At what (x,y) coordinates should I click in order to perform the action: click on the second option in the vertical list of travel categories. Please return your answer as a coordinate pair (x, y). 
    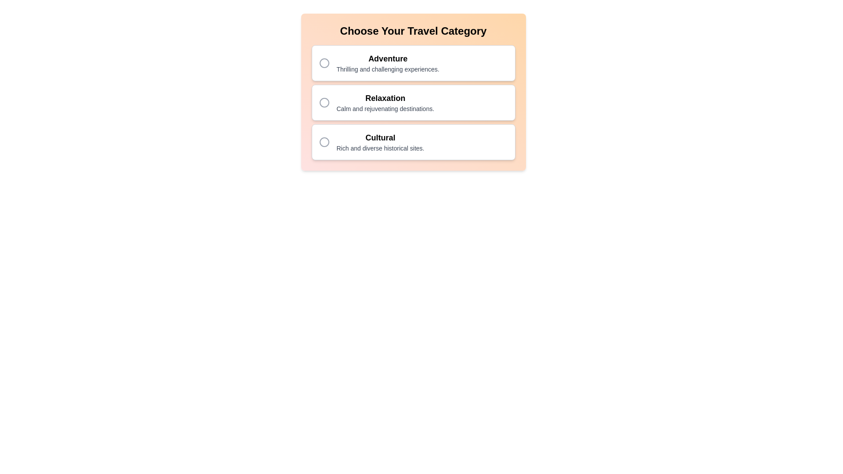
    Looking at the image, I should click on (413, 102).